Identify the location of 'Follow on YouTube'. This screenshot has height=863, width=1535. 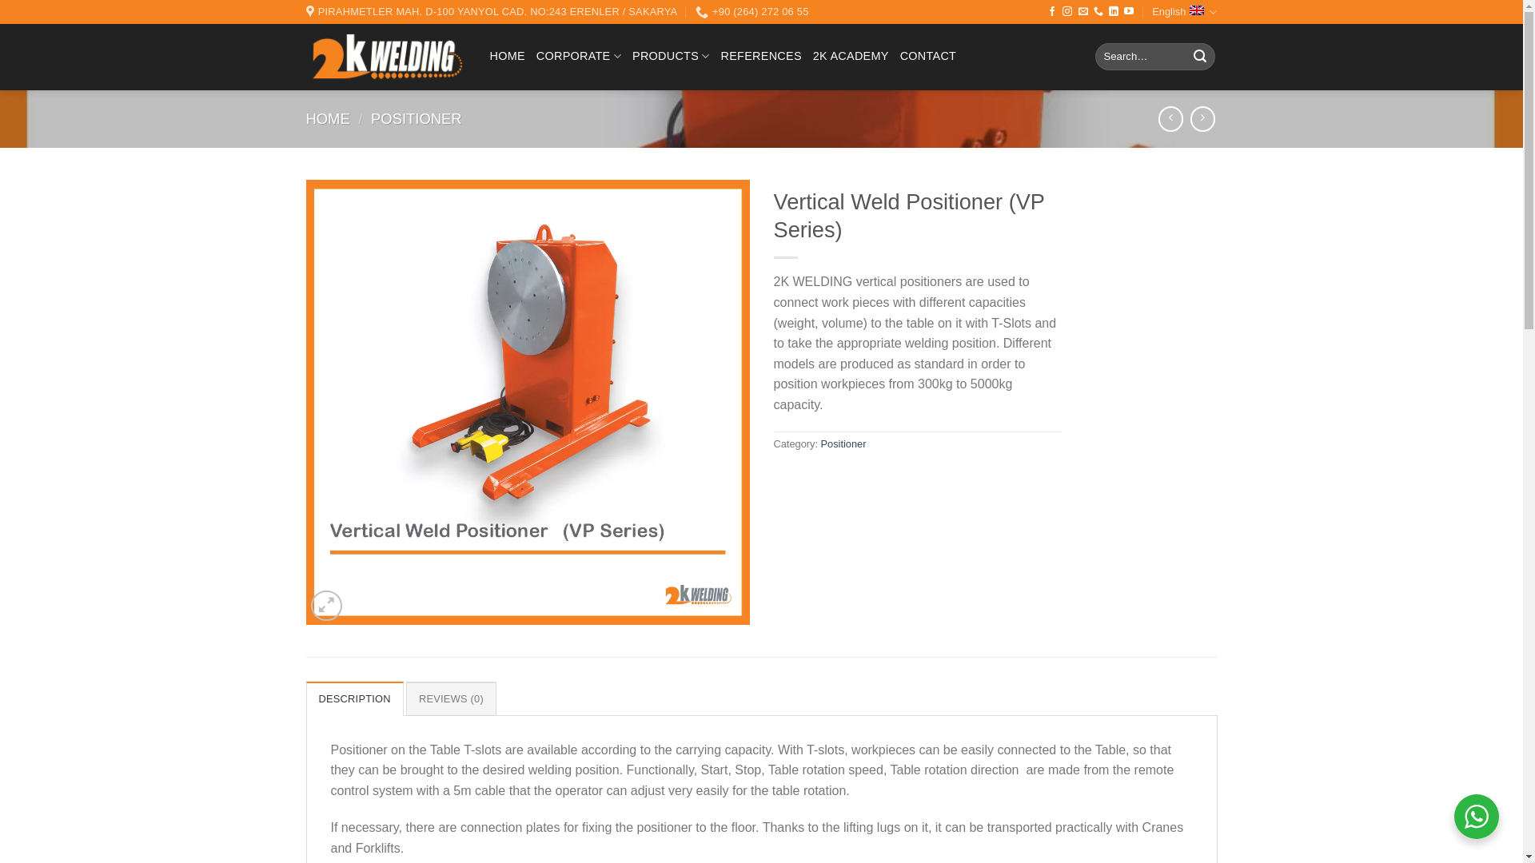
(1127, 12).